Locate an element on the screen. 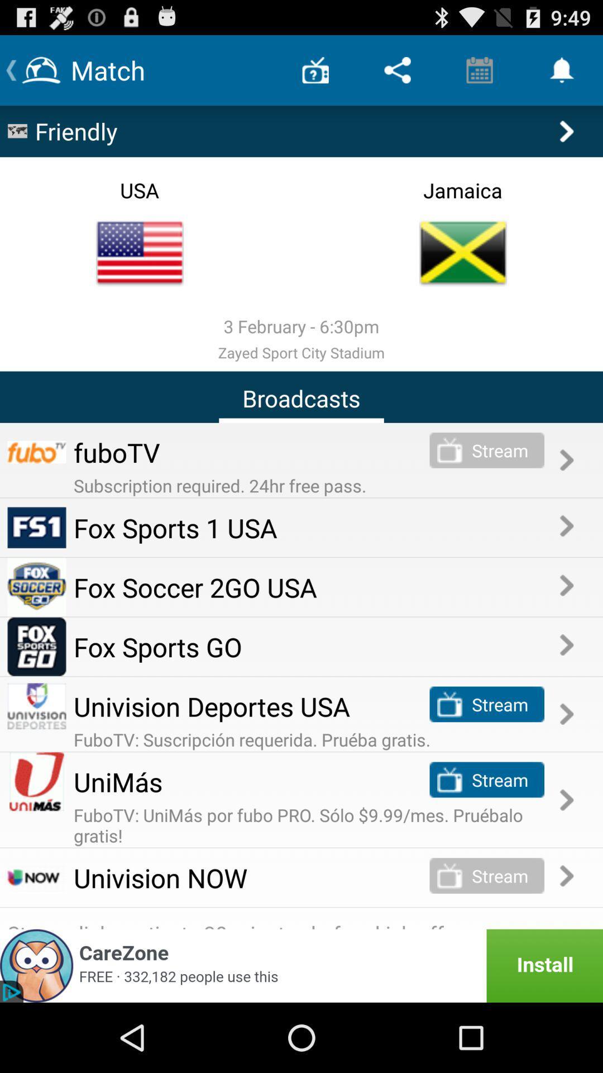 The height and width of the screenshot is (1073, 603). the jamaica flag to the right side of the page is located at coordinates (463, 252).